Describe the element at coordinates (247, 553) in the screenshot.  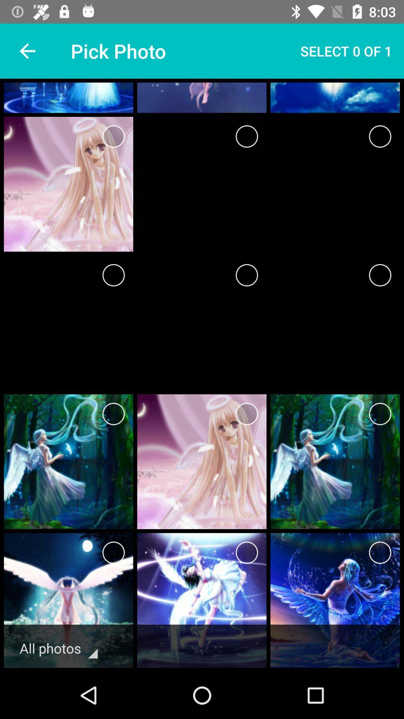
I see `photo` at that location.